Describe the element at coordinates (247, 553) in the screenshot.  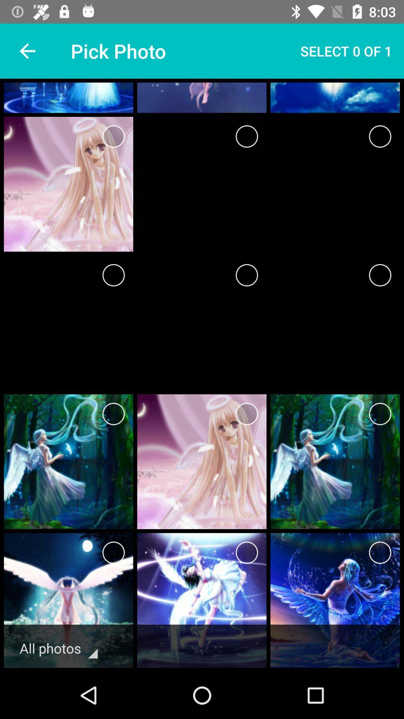
I see `photo` at that location.